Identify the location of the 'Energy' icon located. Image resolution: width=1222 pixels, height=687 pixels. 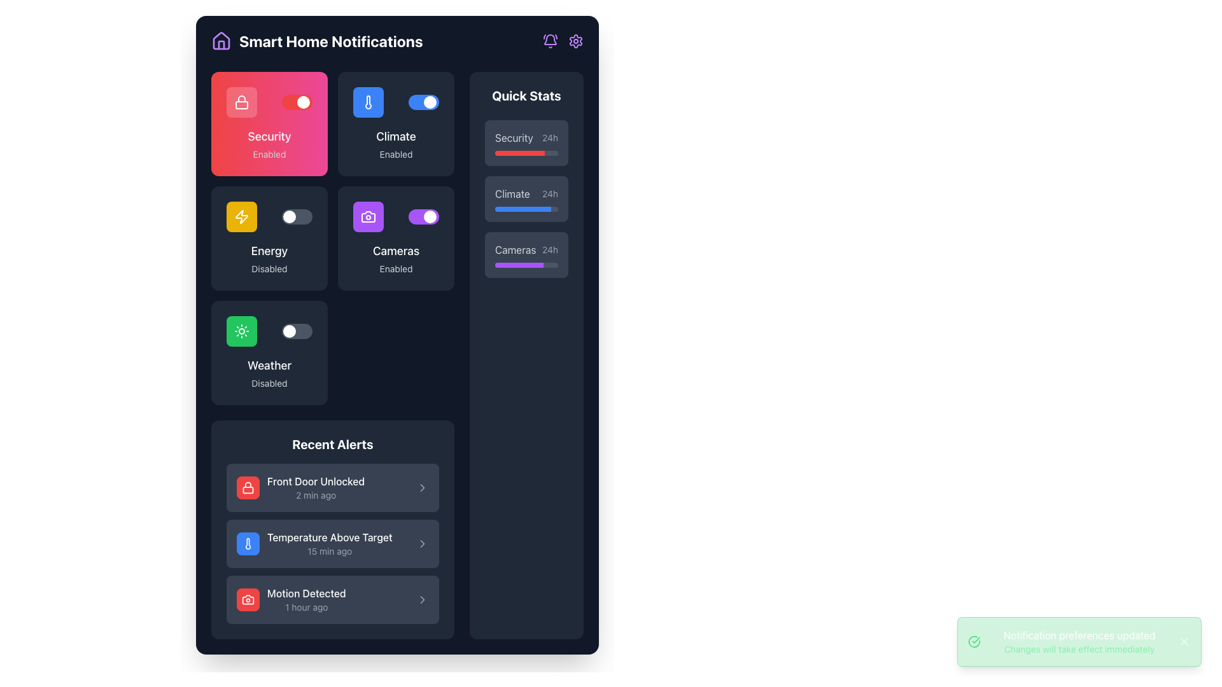
(241, 216).